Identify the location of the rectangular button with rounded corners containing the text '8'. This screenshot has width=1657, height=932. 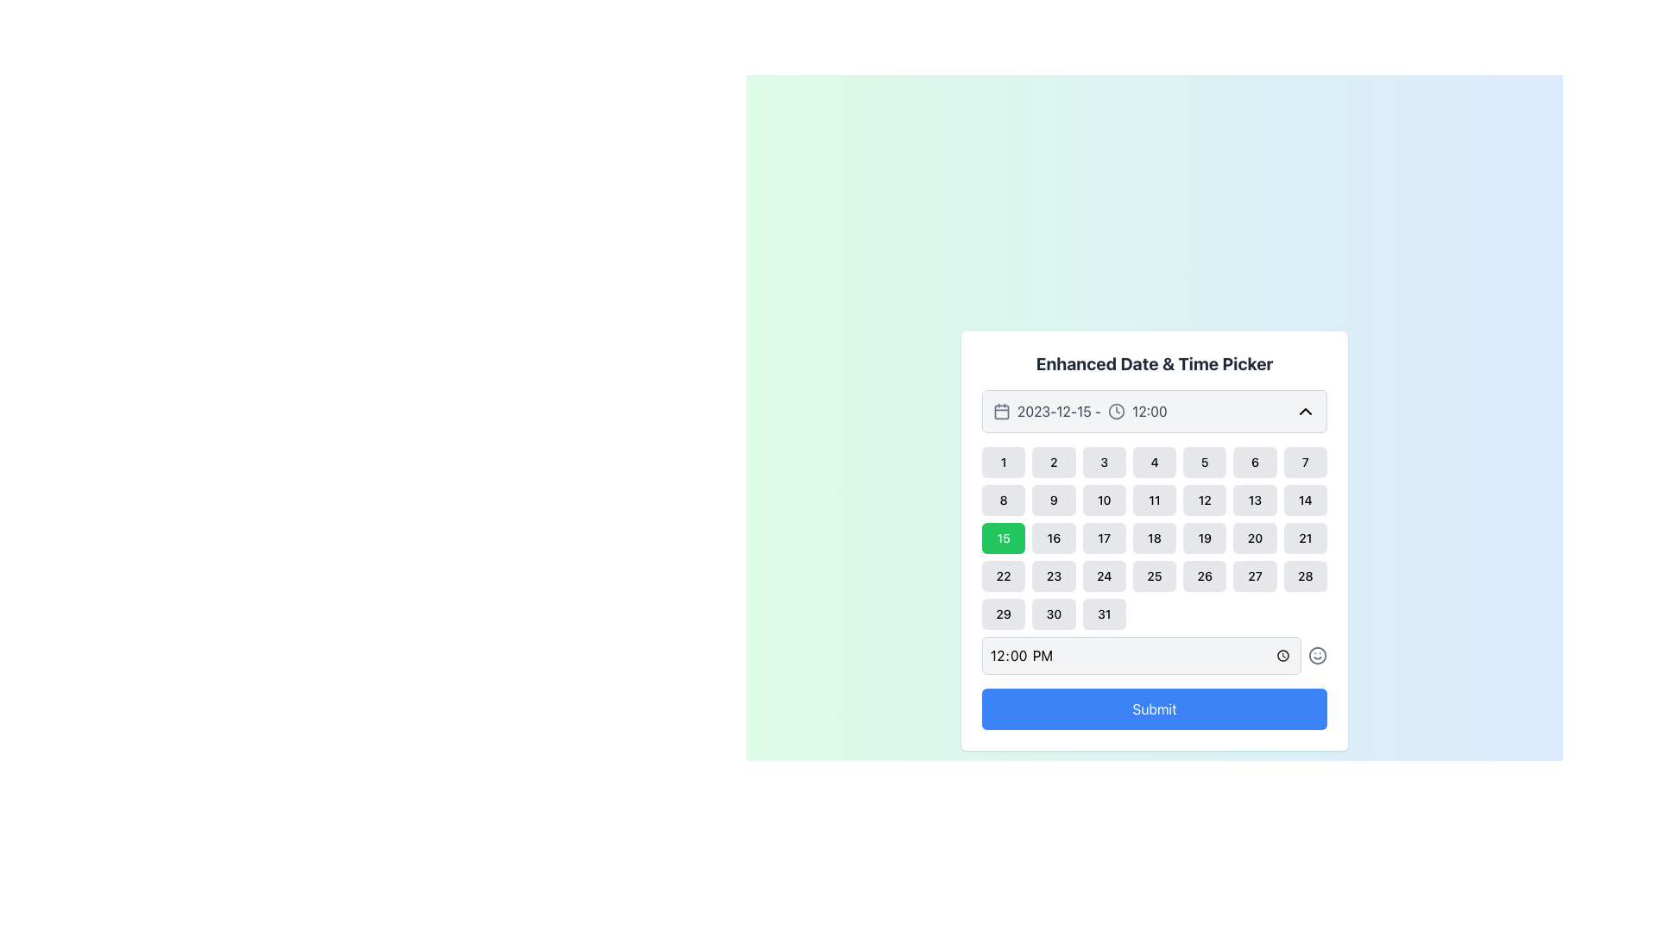
(1004, 500).